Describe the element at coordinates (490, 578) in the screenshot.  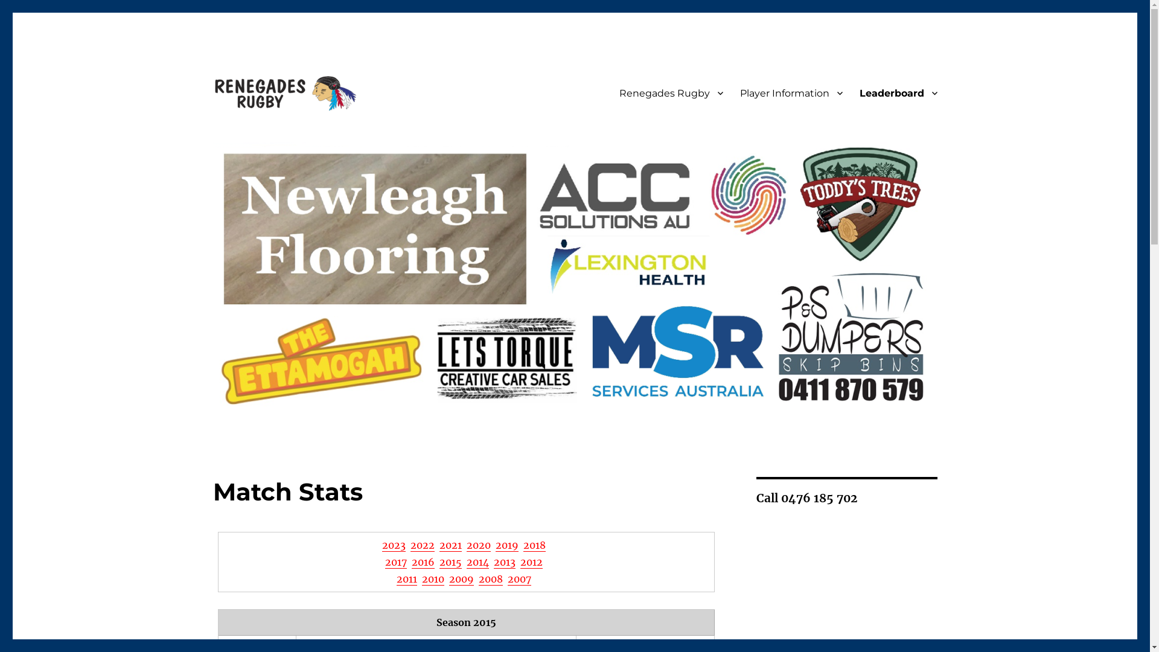
I see `'2008'` at that location.